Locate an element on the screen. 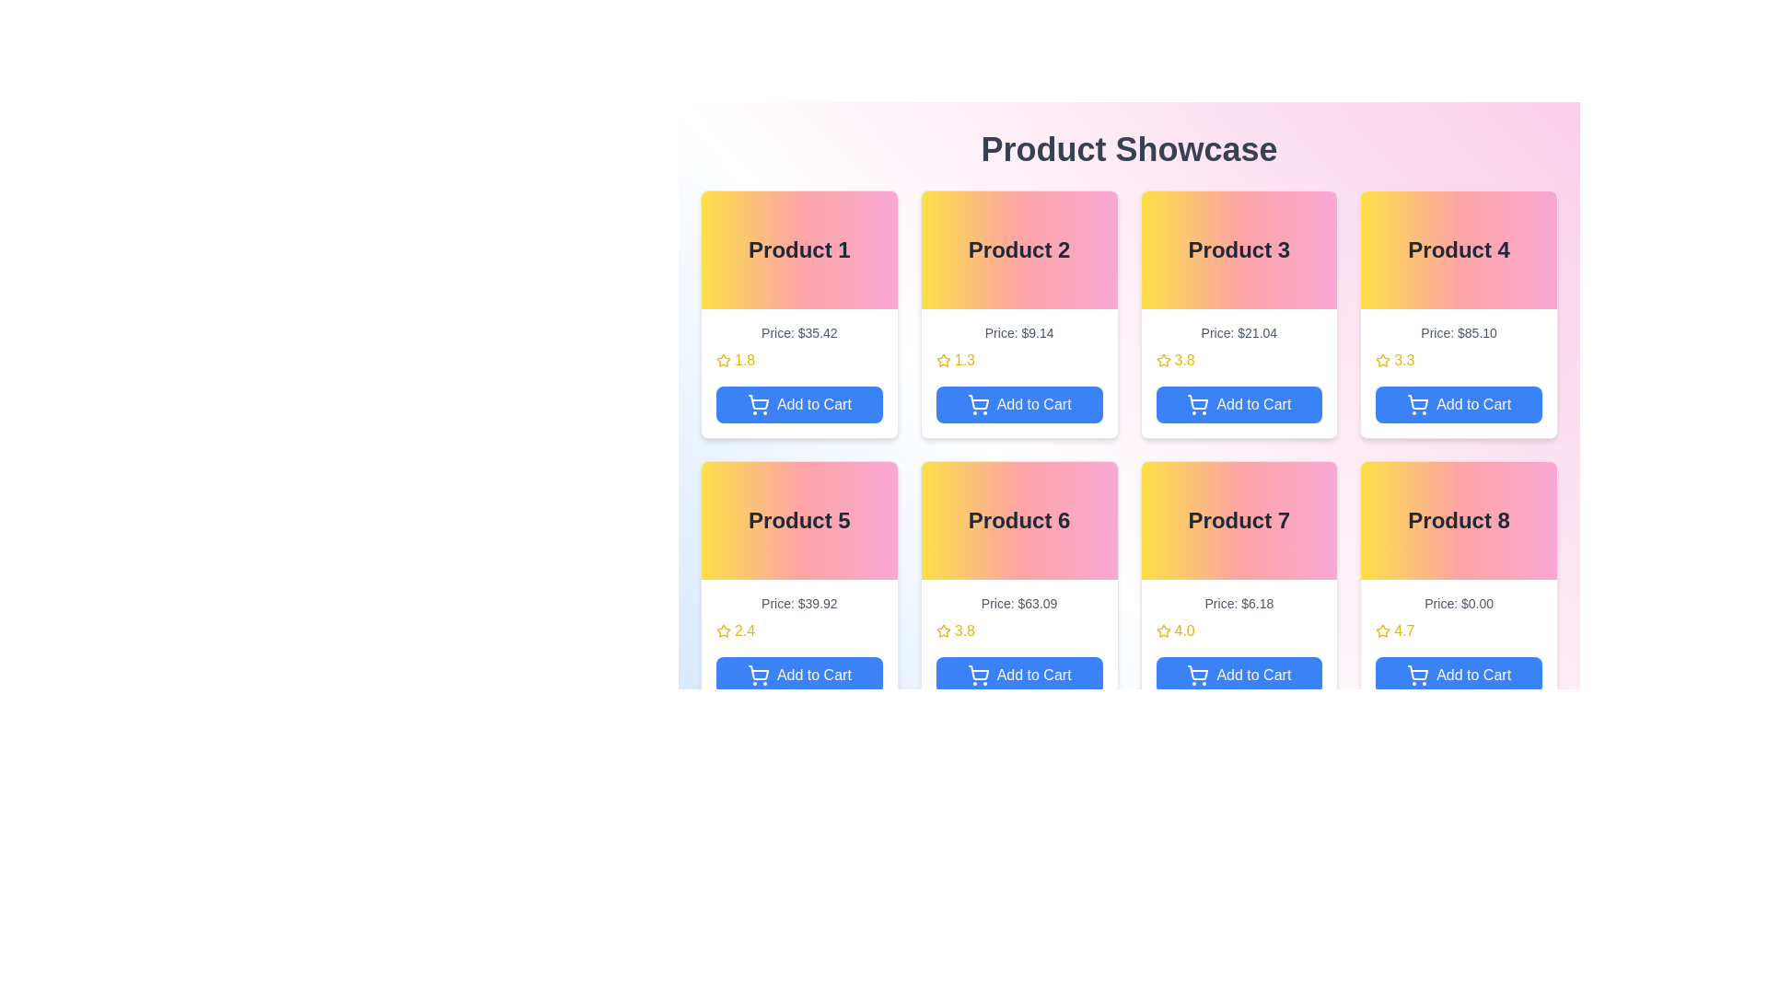 The image size is (1768, 994). the 'Add to Cart' button located in the product card for 'Product 6', which is positioned in the second row and second column of the product grid is located at coordinates (1018, 675).